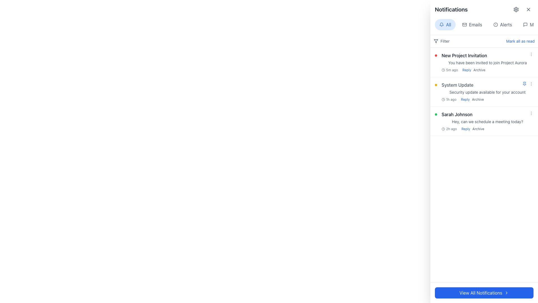 This screenshot has height=303, width=538. Describe the element at coordinates (479, 70) in the screenshot. I see `the second interactive text label in the notification list for the 'New Project Invitation' to change its color and indicate interactivity` at that location.